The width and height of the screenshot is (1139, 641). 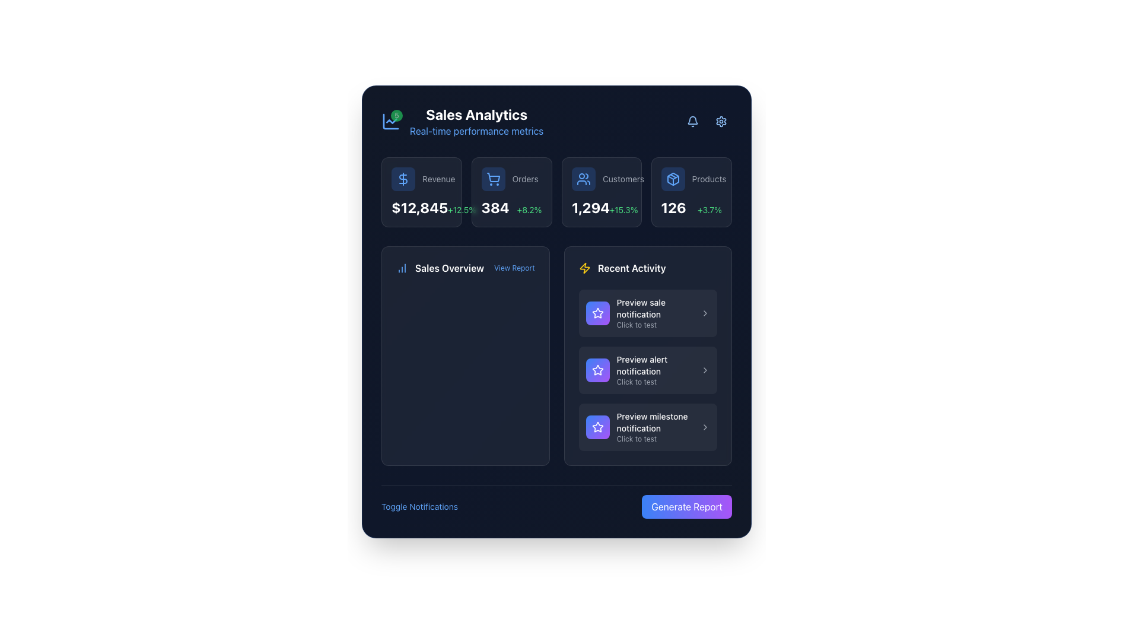 I want to click on text content of the 'Sales Overview' label which is styled in bold white font and prominently displayed in a dark-themed interface, so click(x=449, y=268).